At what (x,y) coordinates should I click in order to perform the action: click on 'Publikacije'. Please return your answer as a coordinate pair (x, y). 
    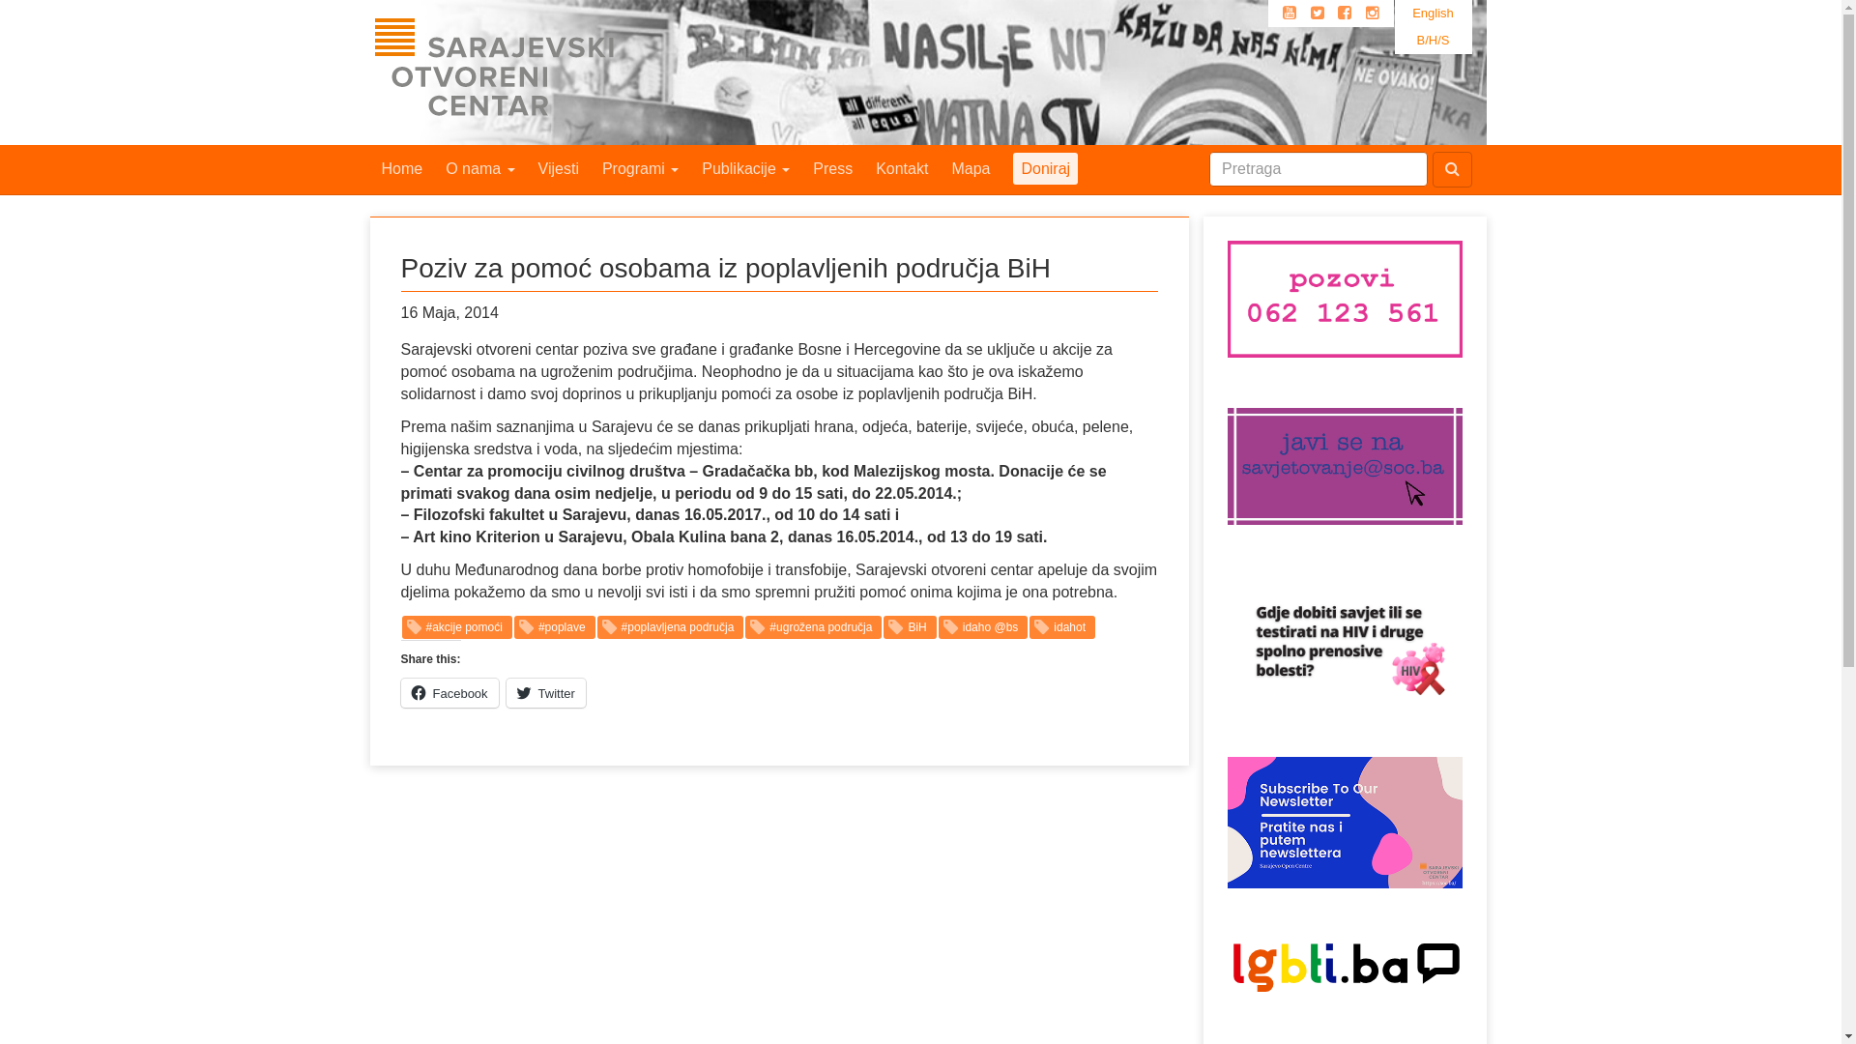
    Looking at the image, I should click on (690, 167).